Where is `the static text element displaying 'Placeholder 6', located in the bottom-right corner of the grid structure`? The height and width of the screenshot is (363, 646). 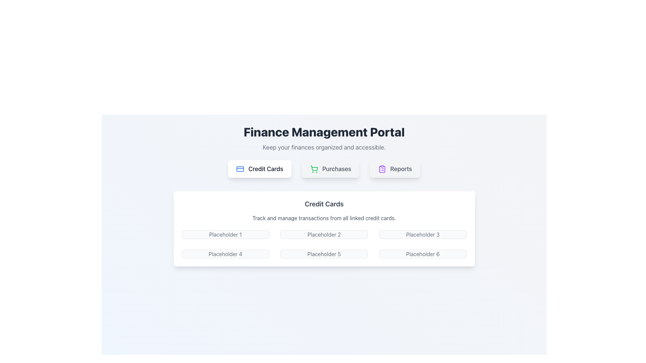 the static text element displaying 'Placeholder 6', located in the bottom-right corner of the grid structure is located at coordinates (422, 254).